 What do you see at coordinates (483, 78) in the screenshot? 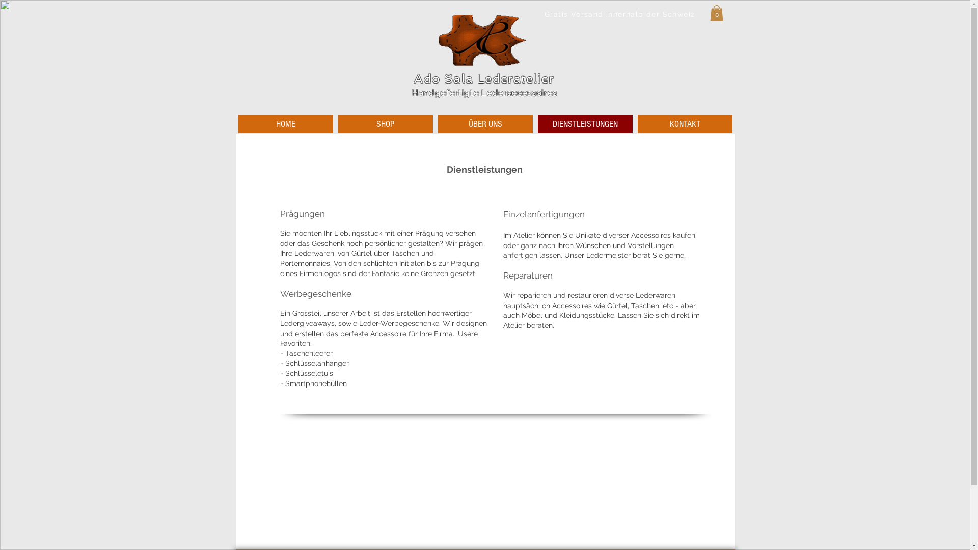
I see `'Ado Sala Lederatelier'` at bounding box center [483, 78].